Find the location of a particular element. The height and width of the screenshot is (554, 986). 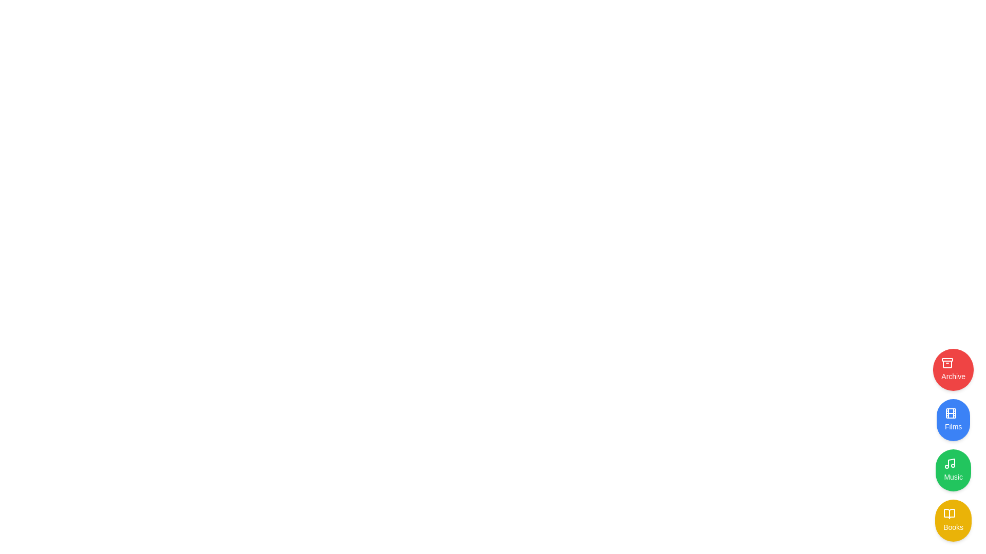

the blue 'Films' SVG icon located within the second button of the vertical row of circular buttons on the right side of the interface is located at coordinates (951, 413).